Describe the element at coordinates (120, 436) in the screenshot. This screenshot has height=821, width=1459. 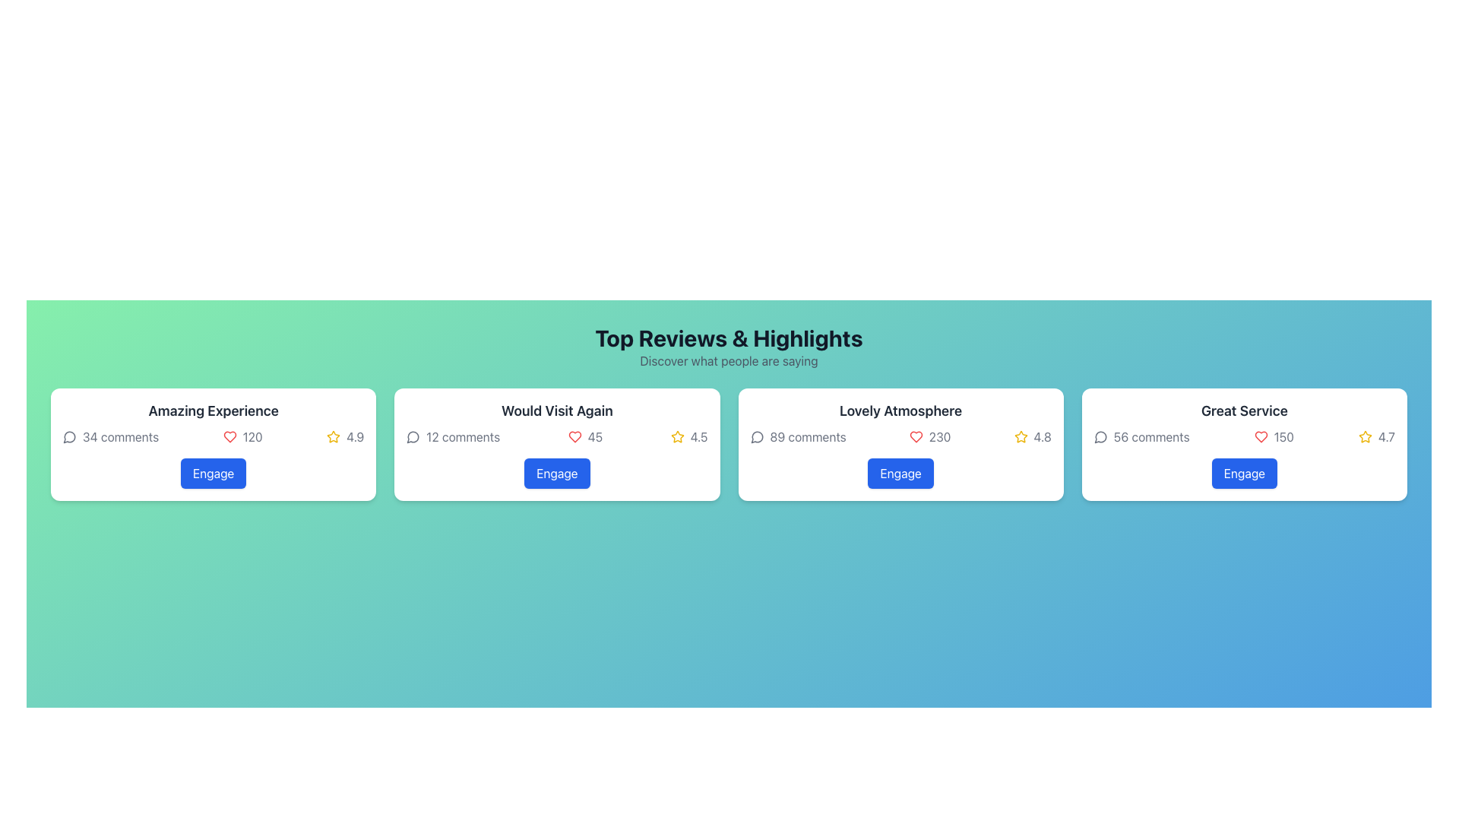
I see `the text indicating the number of comments related to the 'Amazing Experience' review, located in the lower half of the review card` at that location.